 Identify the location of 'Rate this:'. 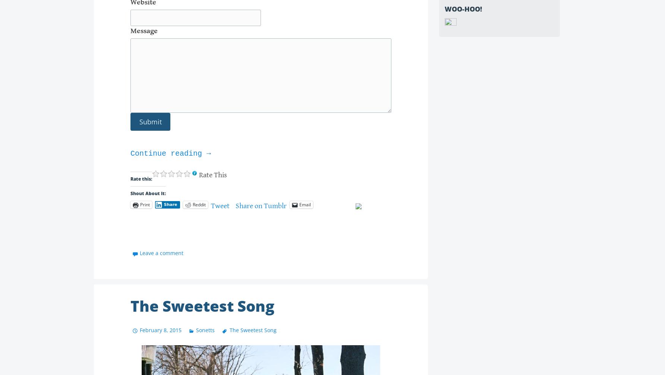
(141, 178).